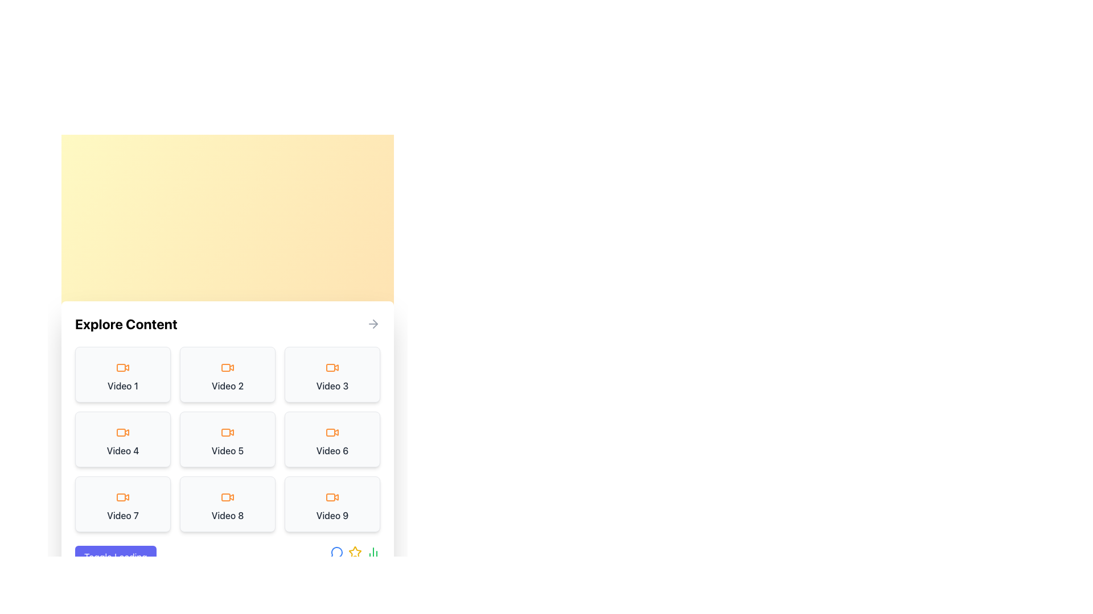 This screenshot has height=614, width=1093. What do you see at coordinates (231, 432) in the screenshot?
I see `the triangular part of the orange video camera icon located under the label 'Video 5' in the grid layout` at bounding box center [231, 432].